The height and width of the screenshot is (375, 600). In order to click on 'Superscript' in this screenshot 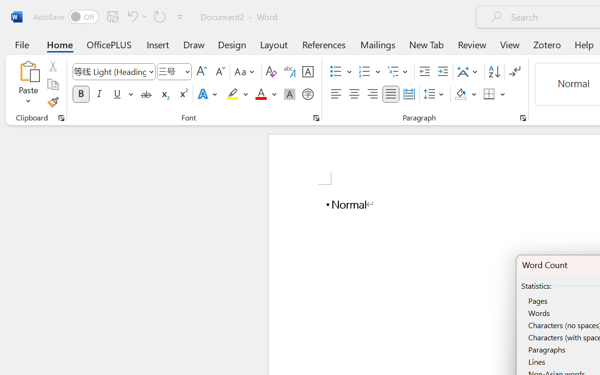, I will do `click(183, 94)`.